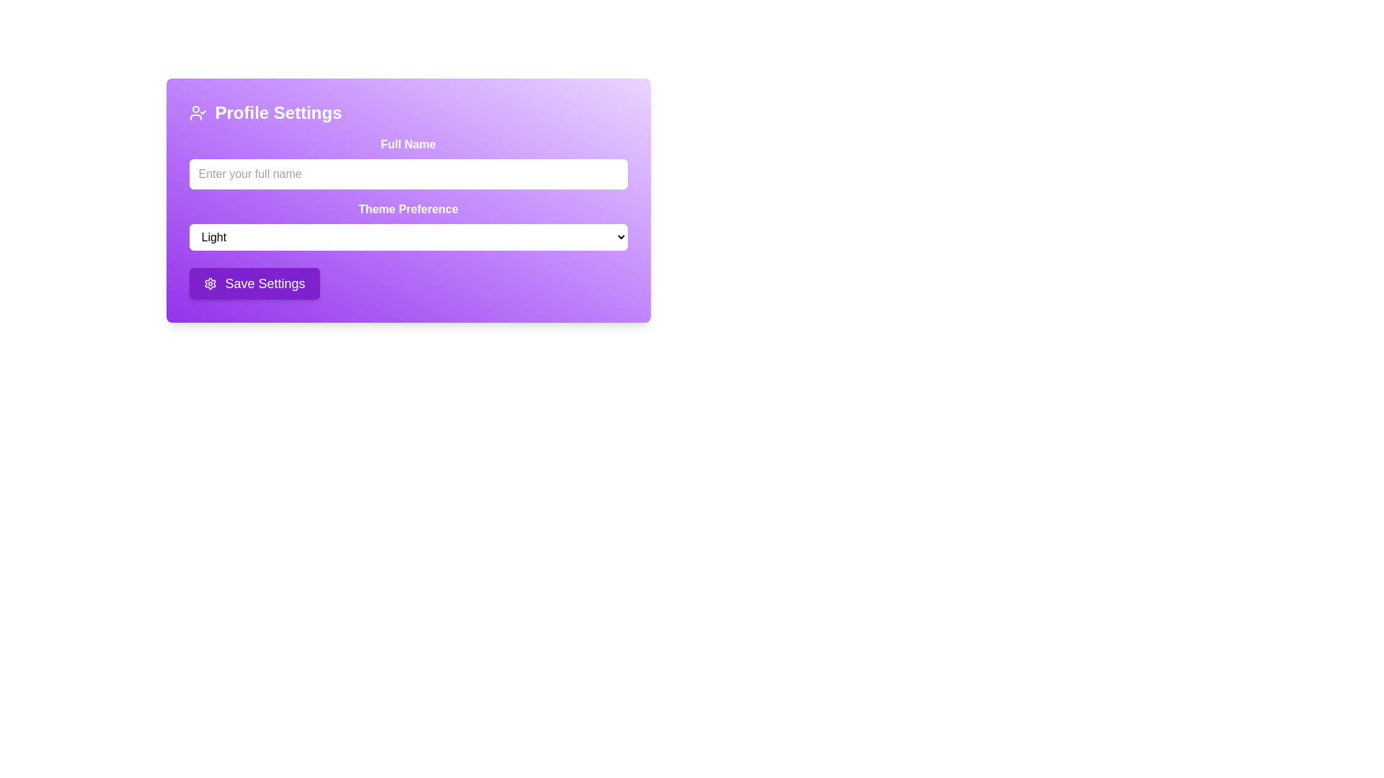  What do you see at coordinates (197, 112) in the screenshot?
I see `the user-related settings icon in the header section of the 'Profile Settings' card, which is the leftmost component before the text 'Profile Settings'` at bounding box center [197, 112].